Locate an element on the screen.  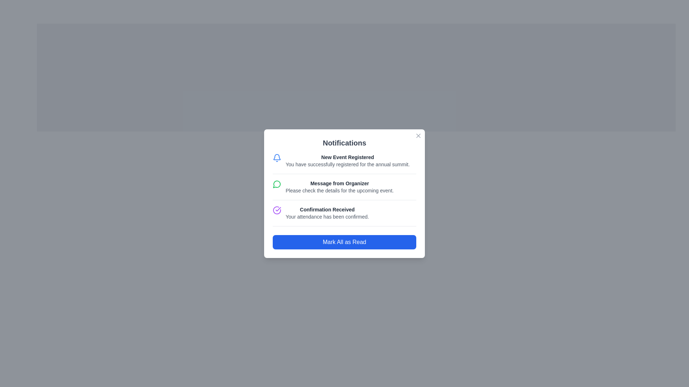
the speech bubble icon with a green outline located to the left of the notification text 'Message from Organizer.' is located at coordinates (277, 183).